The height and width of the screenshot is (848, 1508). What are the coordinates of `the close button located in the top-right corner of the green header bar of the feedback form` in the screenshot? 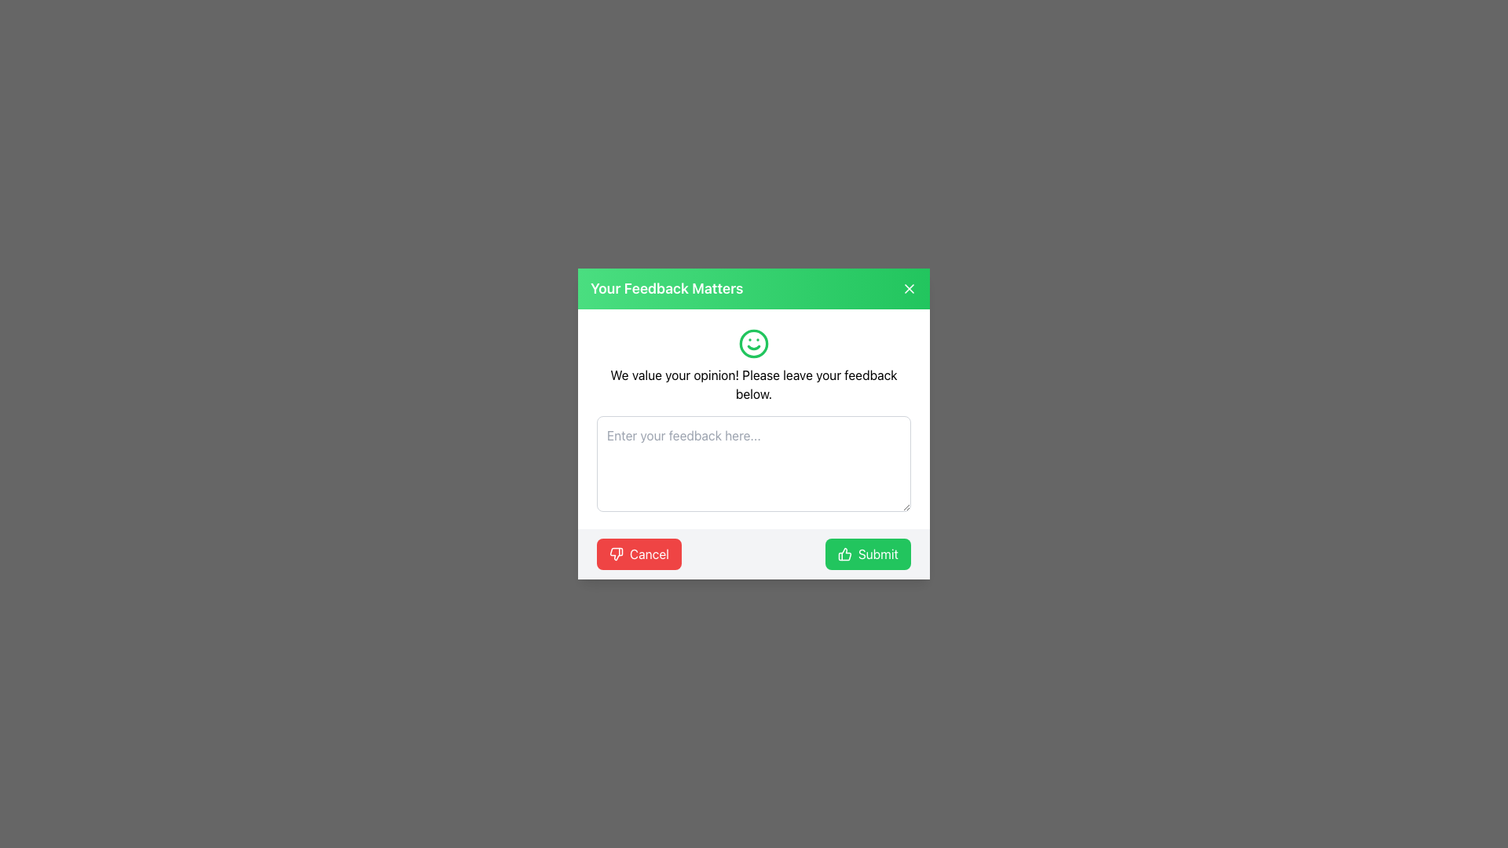 It's located at (909, 288).